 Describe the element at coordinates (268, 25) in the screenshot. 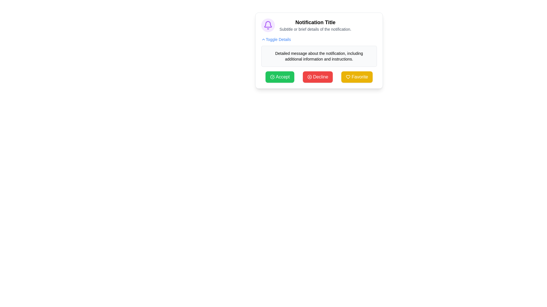

I see `the notification icon located at the top-left area of the card titled 'Notification Title', which is represented by a circular icon with a purple outline` at that location.